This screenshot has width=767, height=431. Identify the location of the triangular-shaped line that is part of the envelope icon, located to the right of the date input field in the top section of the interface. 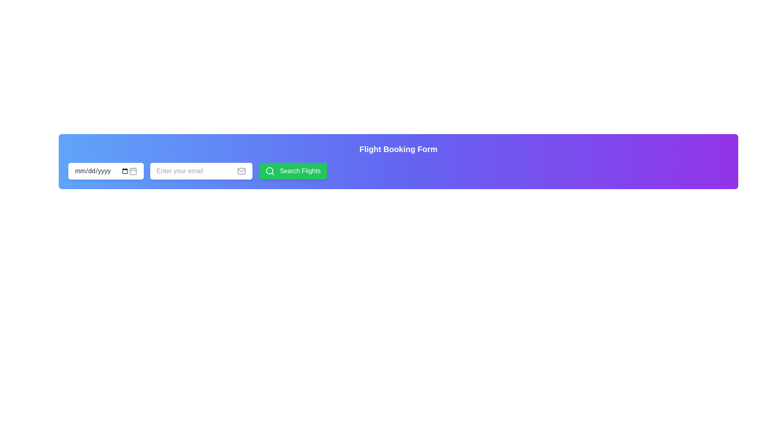
(241, 170).